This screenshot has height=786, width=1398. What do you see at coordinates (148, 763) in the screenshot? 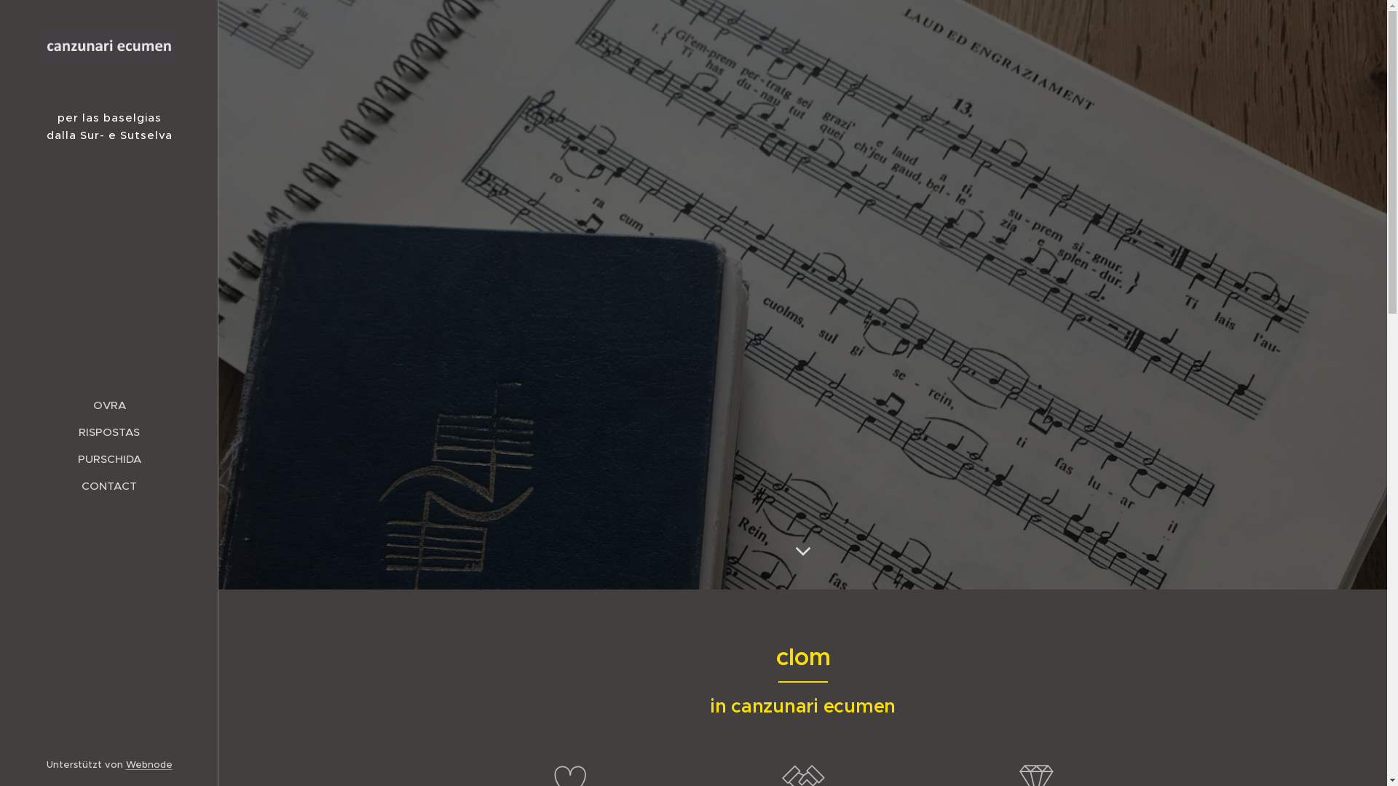
I see `'Webnode'` at bounding box center [148, 763].